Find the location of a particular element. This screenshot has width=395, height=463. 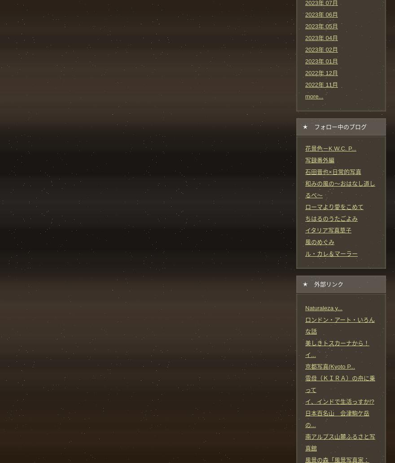

'日本百名山　会津駒ケ岳の...' is located at coordinates (304, 418).